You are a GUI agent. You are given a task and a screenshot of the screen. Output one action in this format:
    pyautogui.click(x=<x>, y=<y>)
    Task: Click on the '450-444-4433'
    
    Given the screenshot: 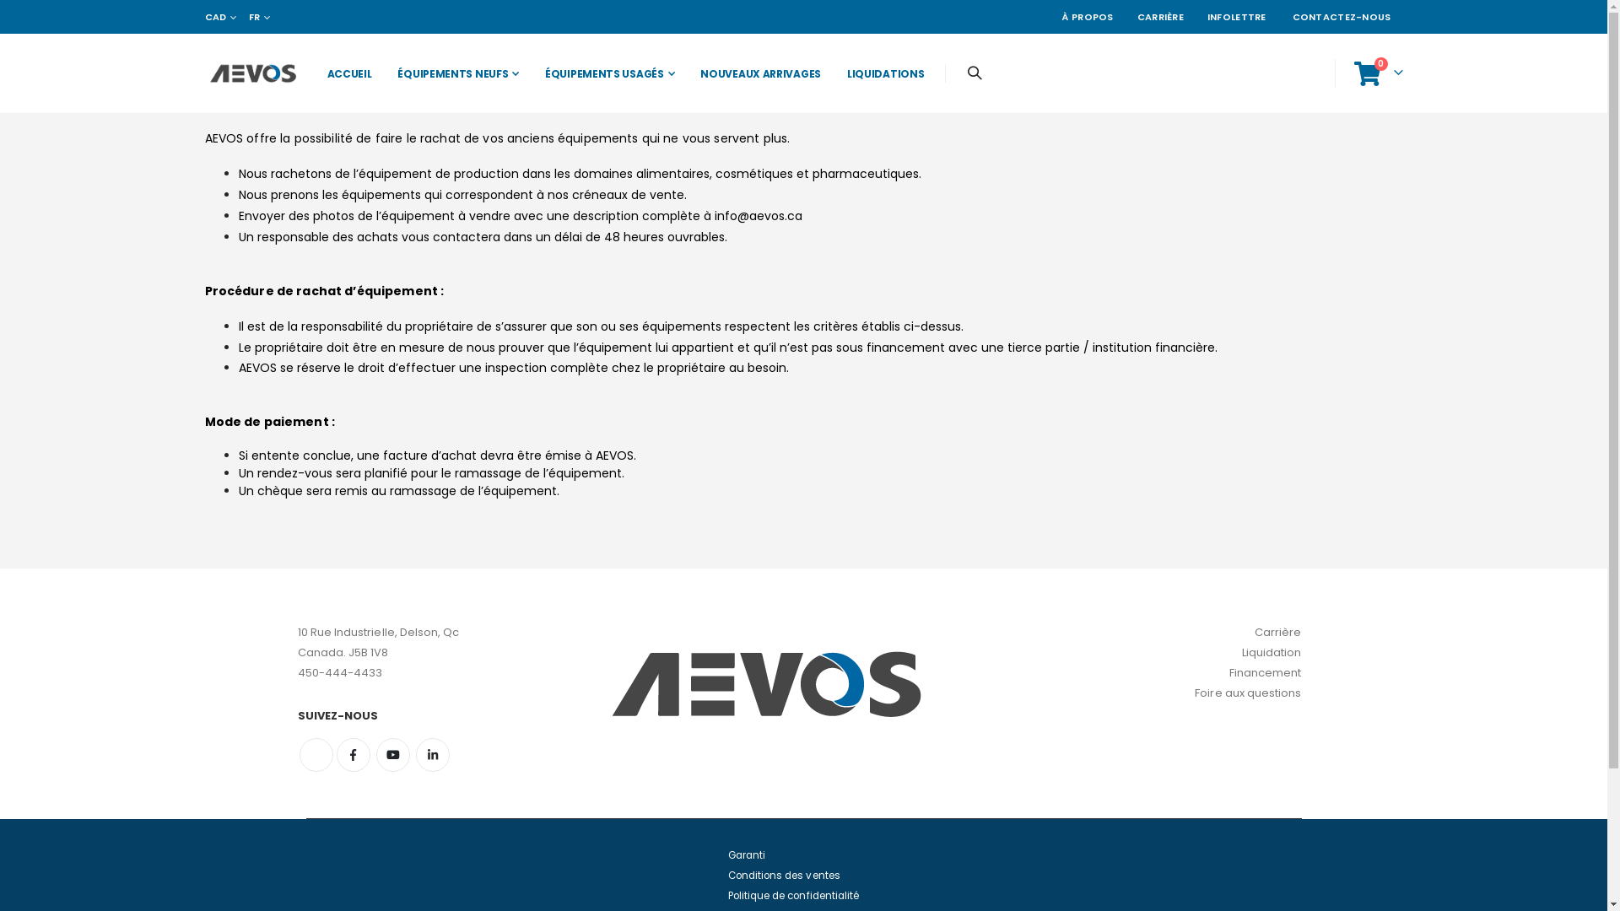 What is the action you would take?
    pyautogui.click(x=338, y=671)
    